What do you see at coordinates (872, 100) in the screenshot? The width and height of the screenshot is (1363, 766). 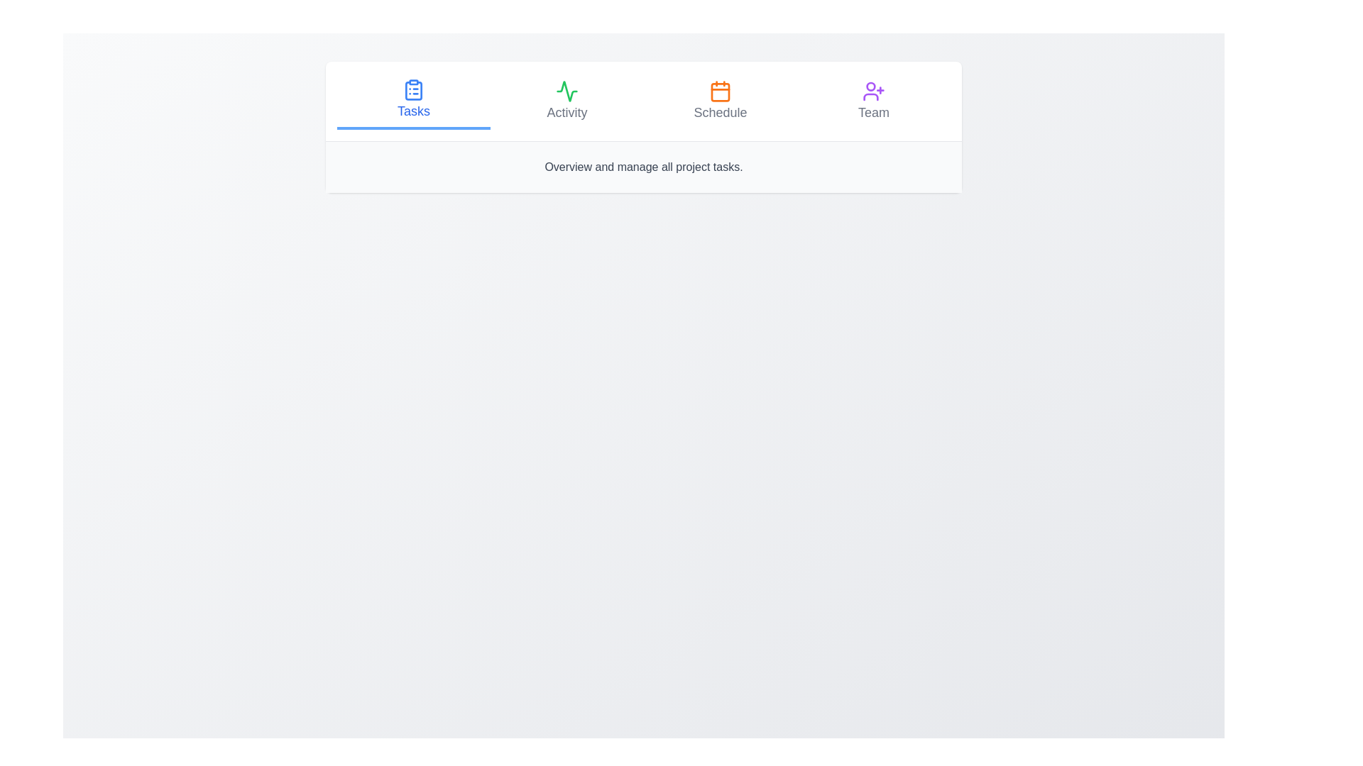 I see `the Team tab` at bounding box center [872, 100].